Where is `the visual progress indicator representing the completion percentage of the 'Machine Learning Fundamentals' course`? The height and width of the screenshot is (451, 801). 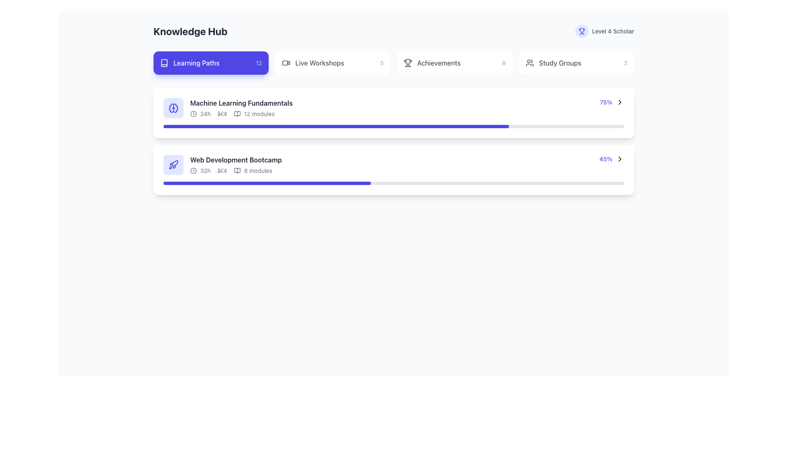 the visual progress indicator representing the completion percentage of the 'Machine Learning Fundamentals' course is located at coordinates (336, 127).